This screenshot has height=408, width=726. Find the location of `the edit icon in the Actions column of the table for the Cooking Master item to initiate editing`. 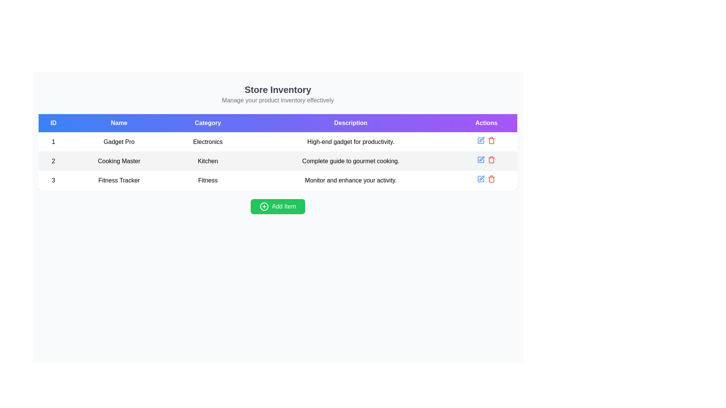

the edit icon in the Actions column of the table for the Cooking Master item to initiate editing is located at coordinates (481, 159).